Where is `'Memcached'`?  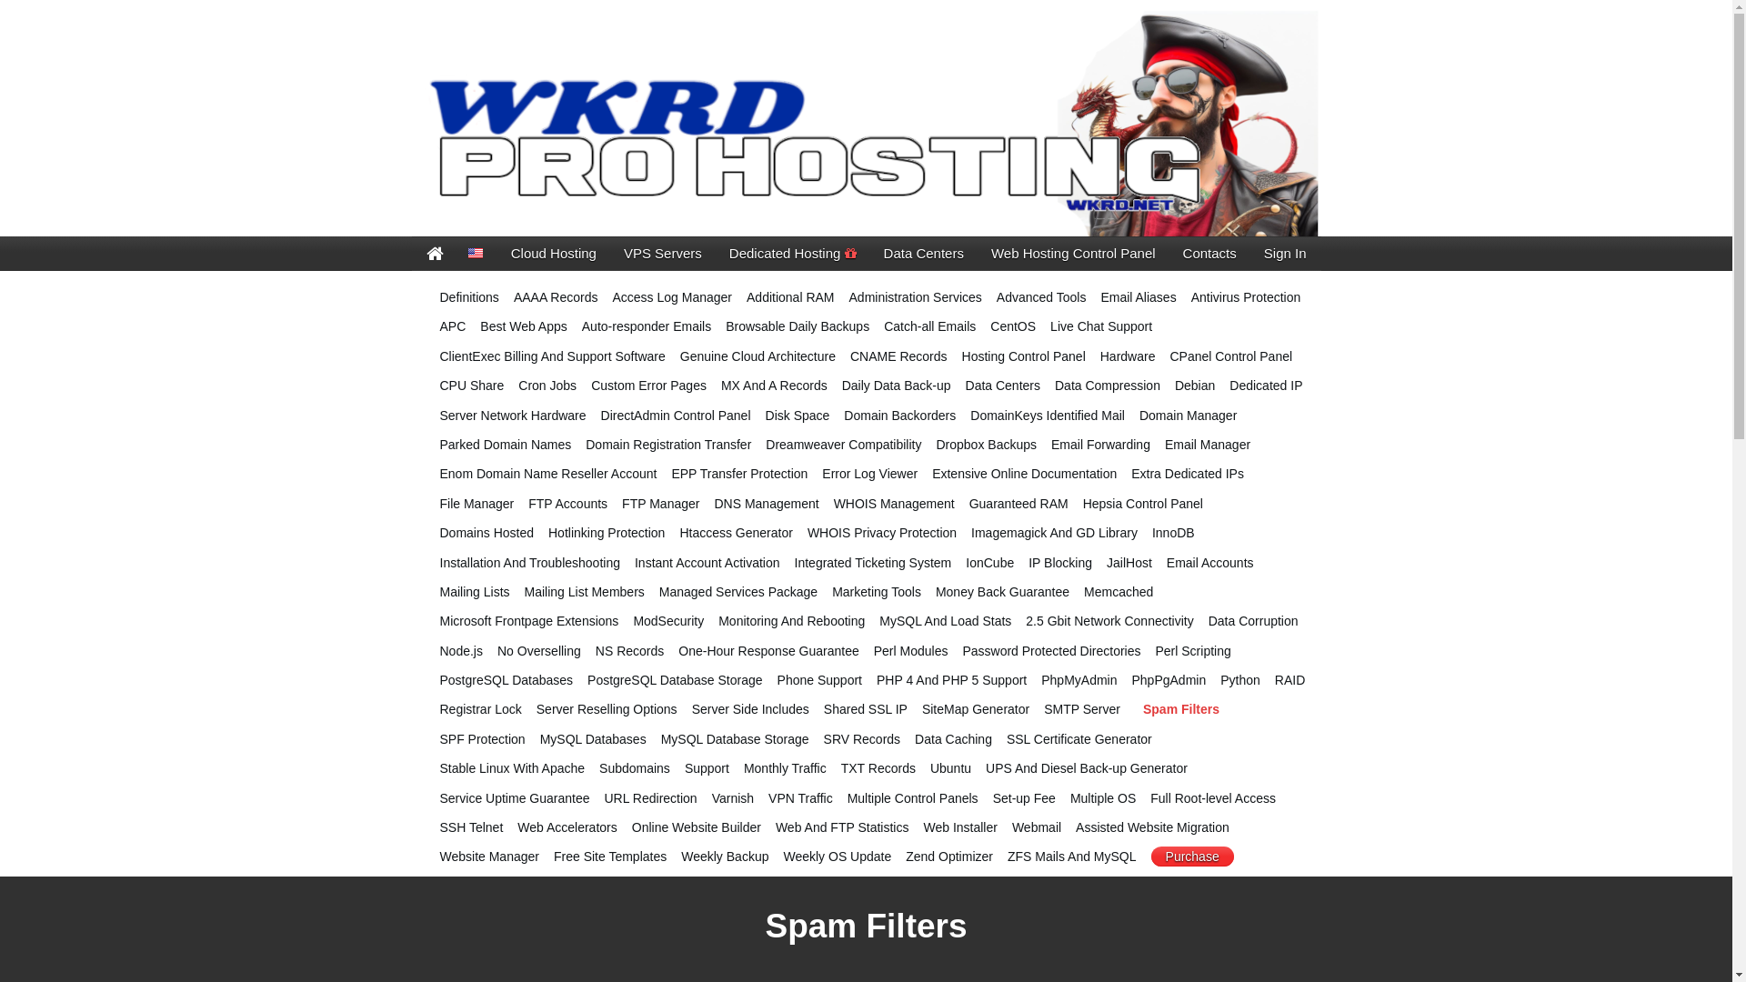 'Memcached' is located at coordinates (1117, 592).